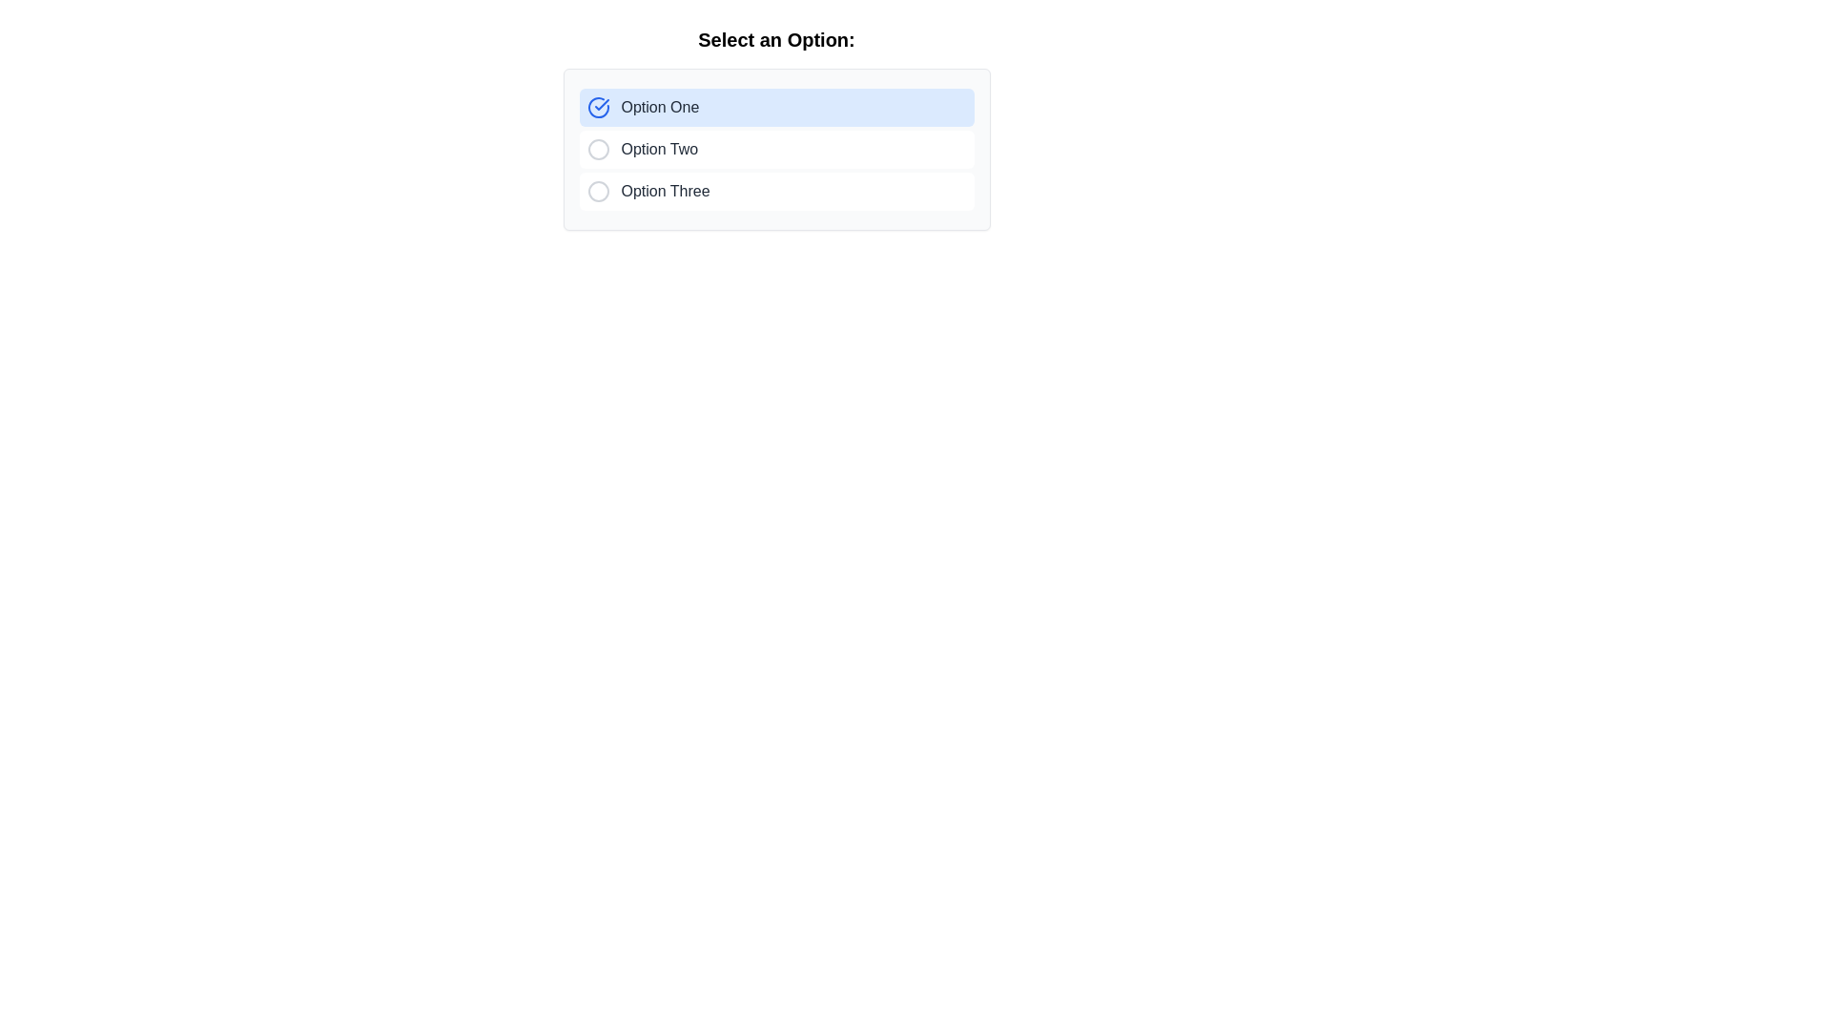 The image size is (1831, 1030). Describe the element at coordinates (597, 191) in the screenshot. I see `the selection state of the radio button indicator for 'Option Three', which is part of the radio button group located near the bottom of the options` at that location.